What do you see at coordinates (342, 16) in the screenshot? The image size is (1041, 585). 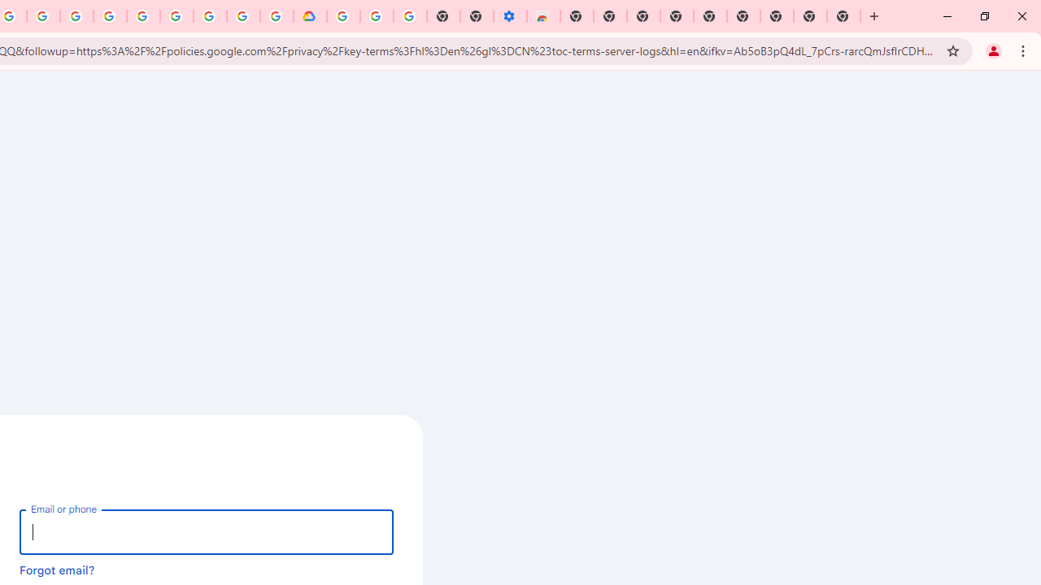 I see `'Sign in - Google Accounts'` at bounding box center [342, 16].